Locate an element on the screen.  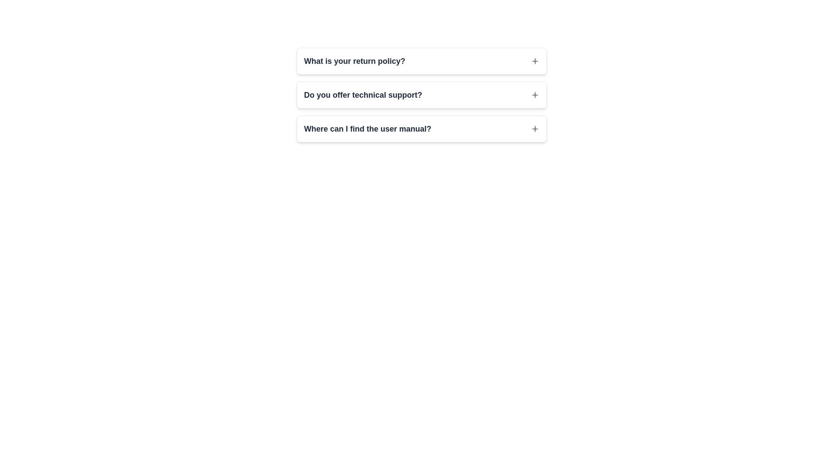
the small square-shaped button with a gray plus icon located to the right of the 'Do you offer technical support?' text is located at coordinates (535, 95).